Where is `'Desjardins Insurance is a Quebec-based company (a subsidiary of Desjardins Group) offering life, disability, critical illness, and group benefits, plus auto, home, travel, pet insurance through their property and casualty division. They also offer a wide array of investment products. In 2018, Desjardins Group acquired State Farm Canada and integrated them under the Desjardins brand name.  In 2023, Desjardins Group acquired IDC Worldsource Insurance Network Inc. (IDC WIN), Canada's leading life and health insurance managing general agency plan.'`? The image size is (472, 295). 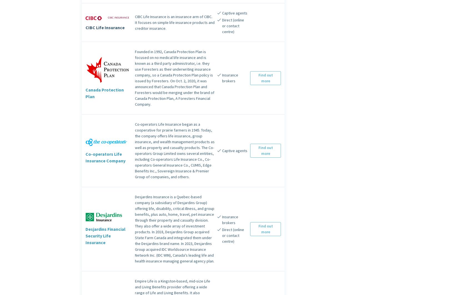
'Desjardins Insurance is a Quebec-based company (a subsidiary of Desjardins Group) offering life, disability, critical illness, and group benefits, plus auto, home, travel, pet insurance through their property and casualty division. They also offer a wide array of investment products. In 2018, Desjardins Group acquired State Farm Canada and integrated them under the Desjardins brand name.  In 2023, Desjardins Group acquired IDC Worldsource Insurance Network Inc. (IDC WIN), Canada's leading life and health insurance managing general agency plan.' is located at coordinates (174, 229).